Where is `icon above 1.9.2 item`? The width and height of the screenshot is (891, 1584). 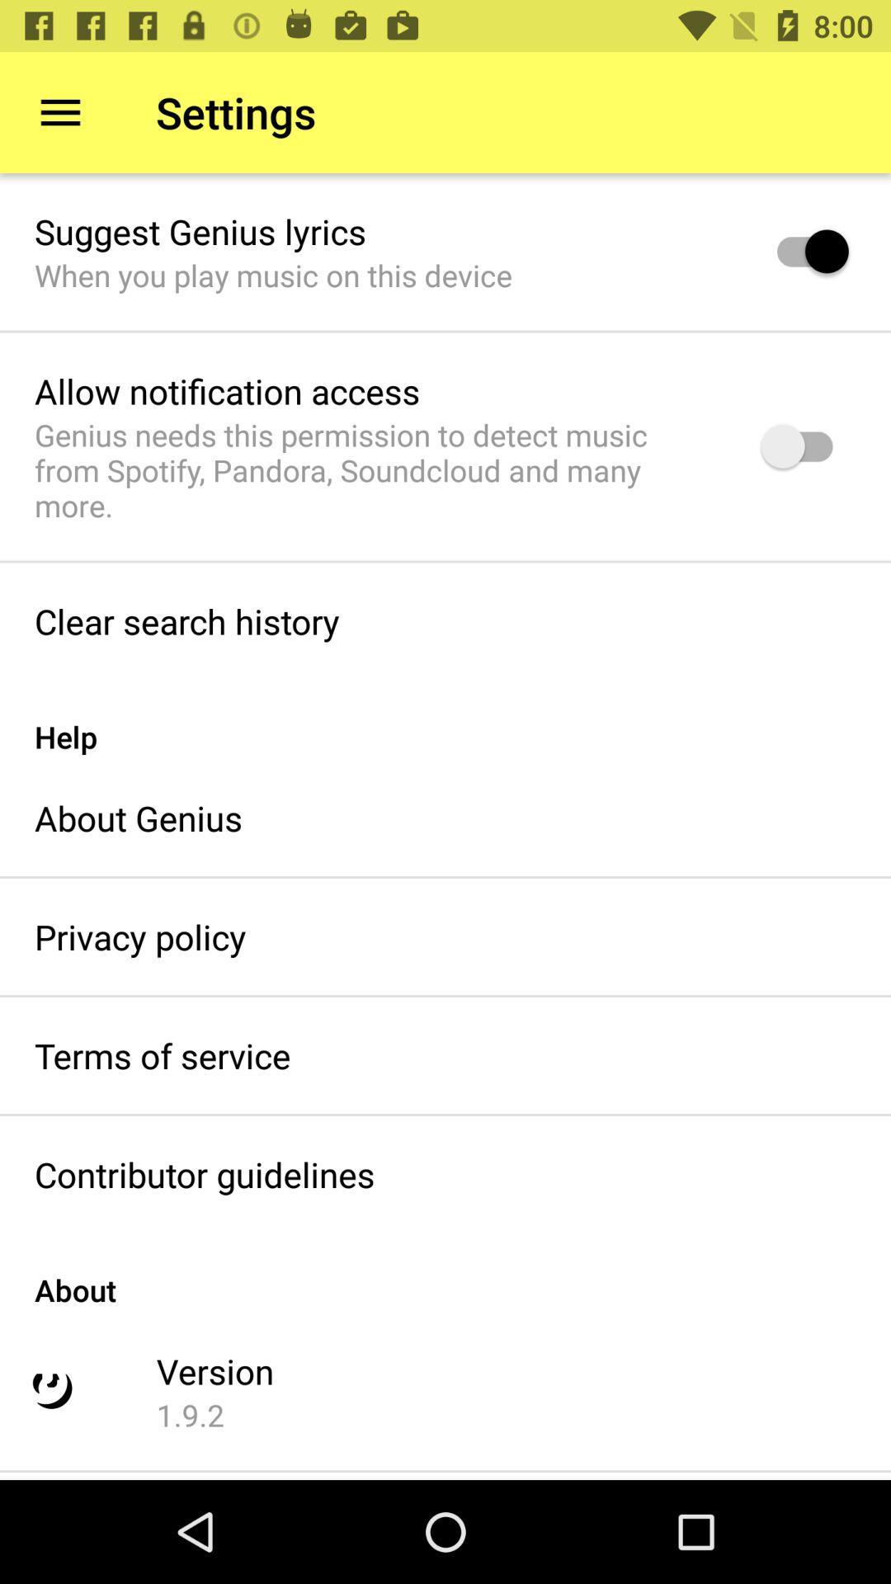
icon above 1.9.2 item is located at coordinates (214, 1370).